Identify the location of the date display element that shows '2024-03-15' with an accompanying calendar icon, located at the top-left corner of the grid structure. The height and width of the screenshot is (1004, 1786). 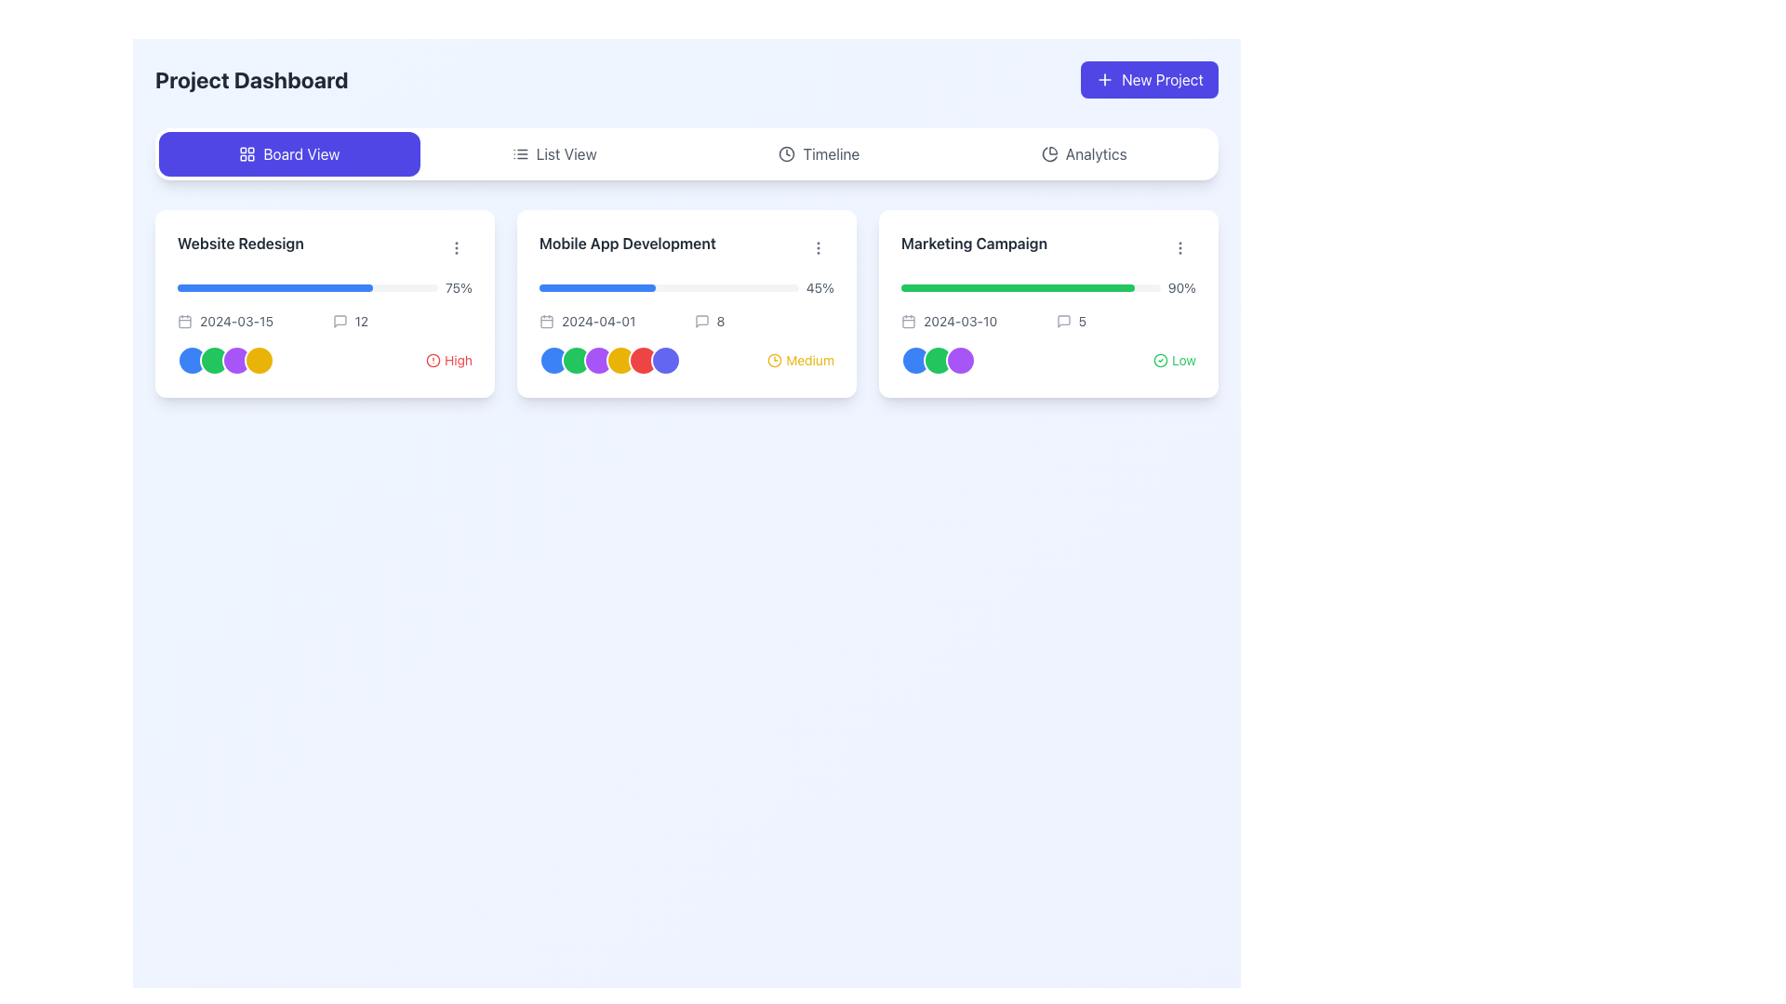
(247, 321).